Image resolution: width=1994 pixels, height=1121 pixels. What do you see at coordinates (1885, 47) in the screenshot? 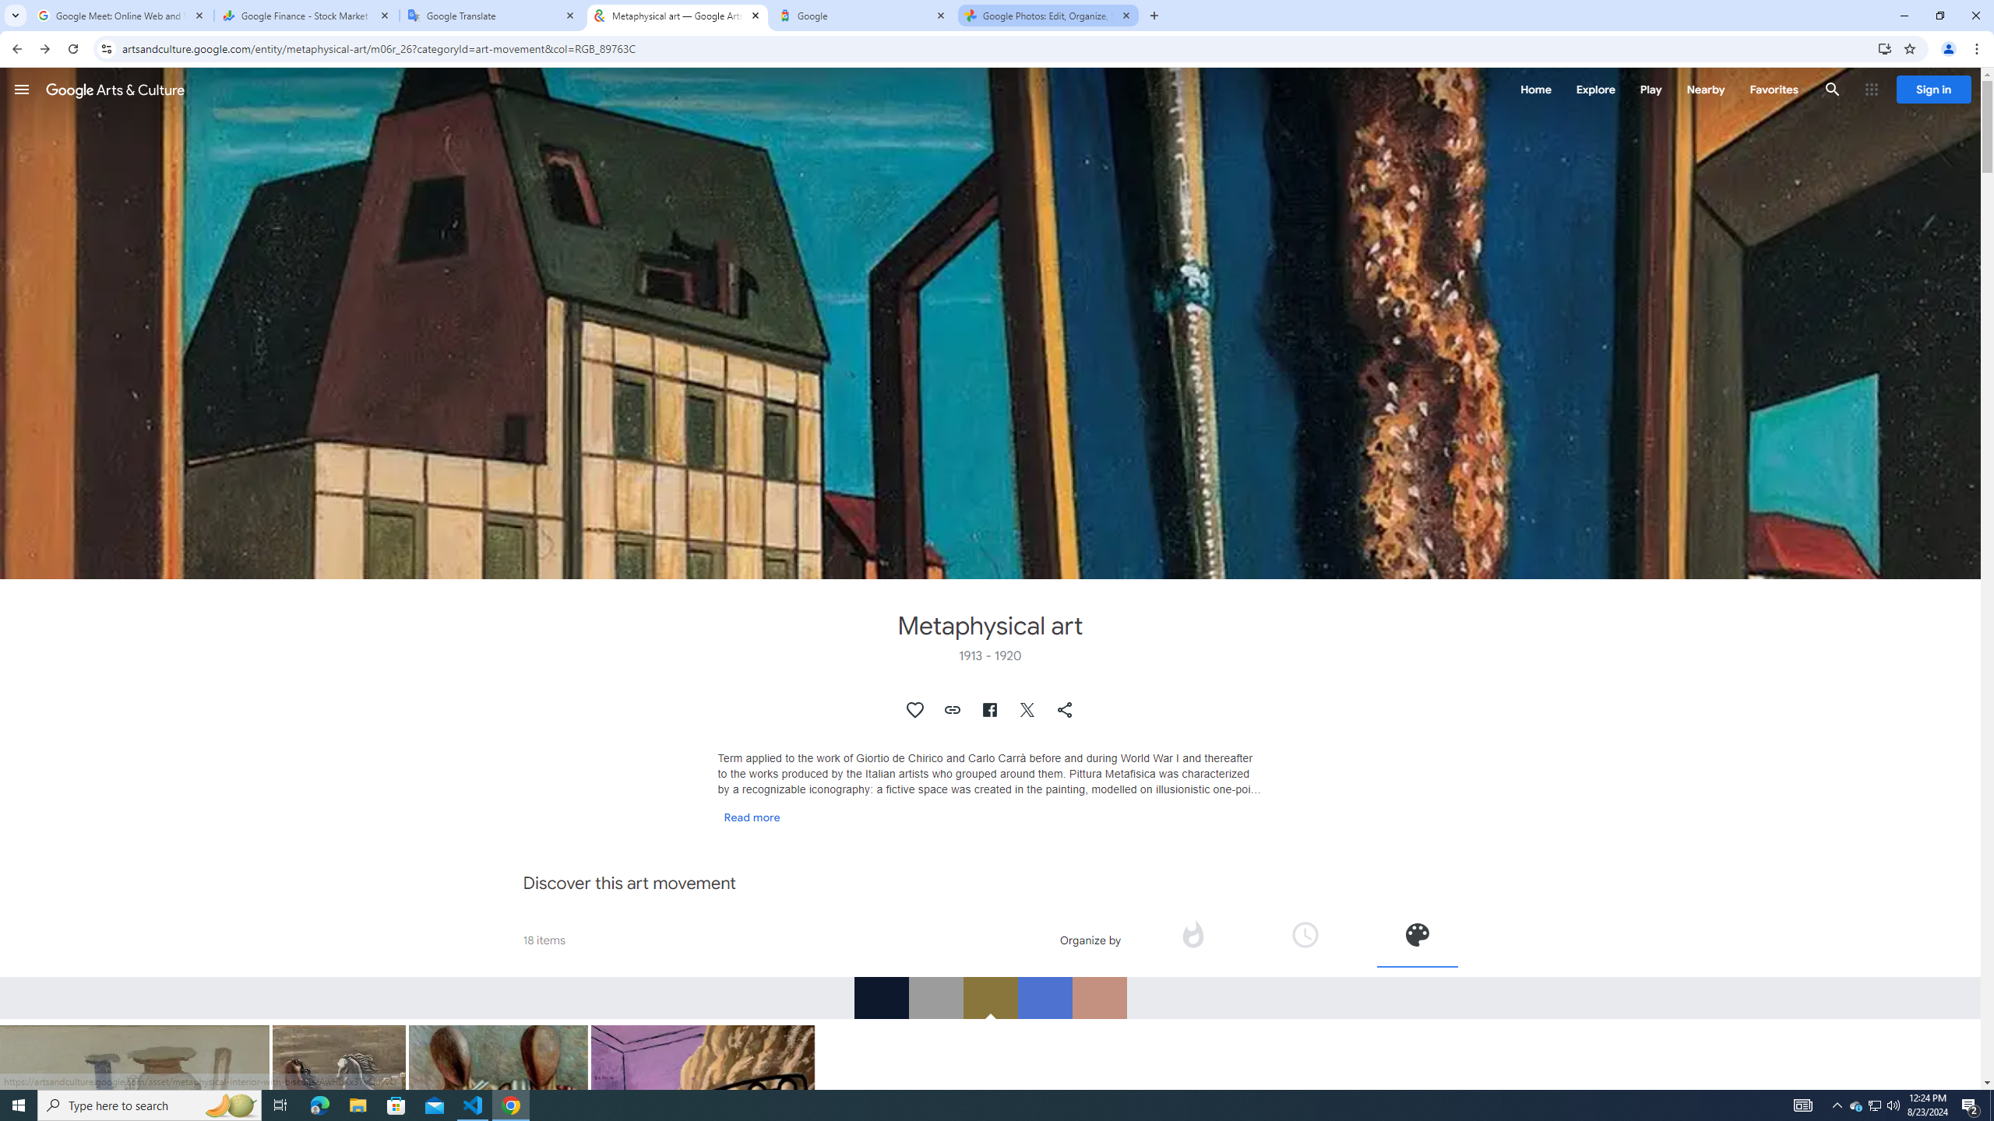
I see `'Install Google Arts & Culture'` at bounding box center [1885, 47].